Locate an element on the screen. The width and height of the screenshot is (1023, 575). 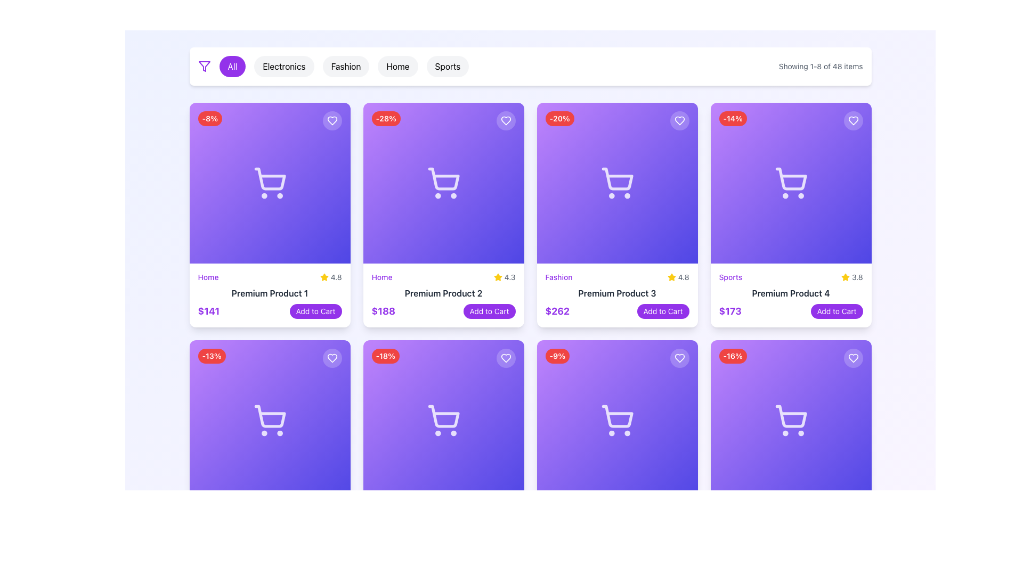
the circular button with a white heart-shaped icon located in the top-right corner of the card displaying a purple gradient background is located at coordinates (331, 358).